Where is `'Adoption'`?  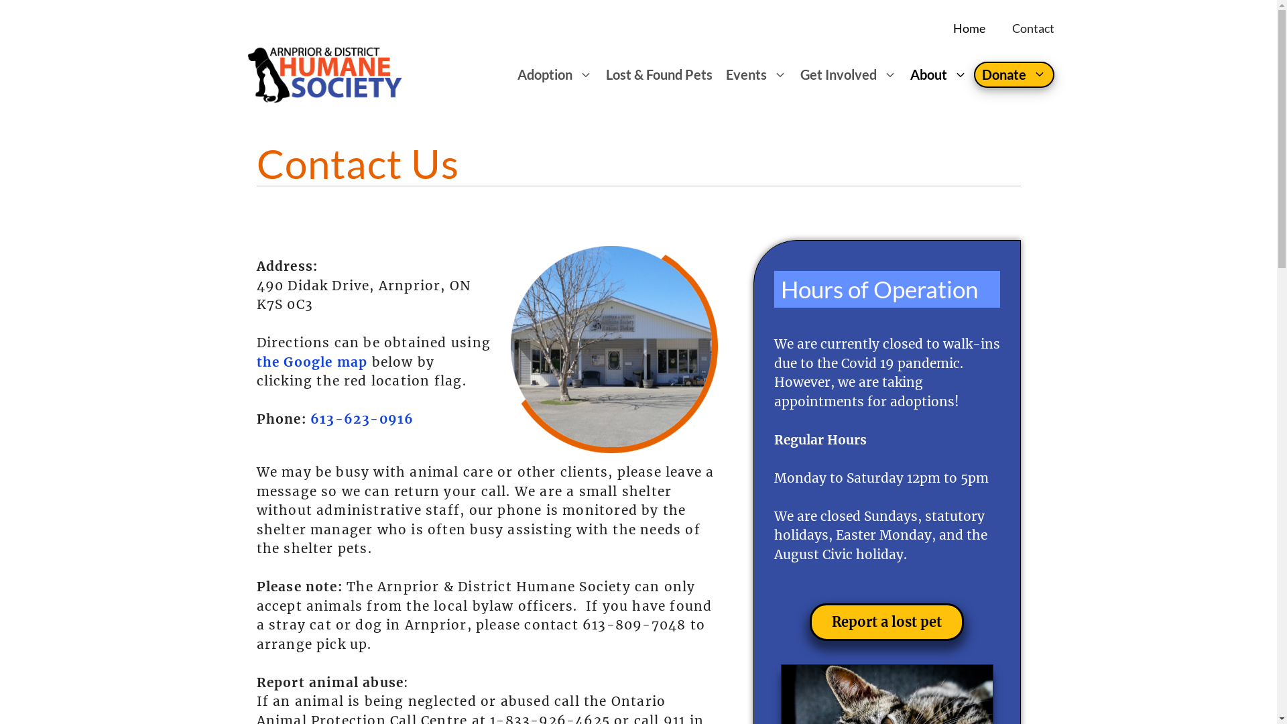
'Adoption' is located at coordinates (555, 74).